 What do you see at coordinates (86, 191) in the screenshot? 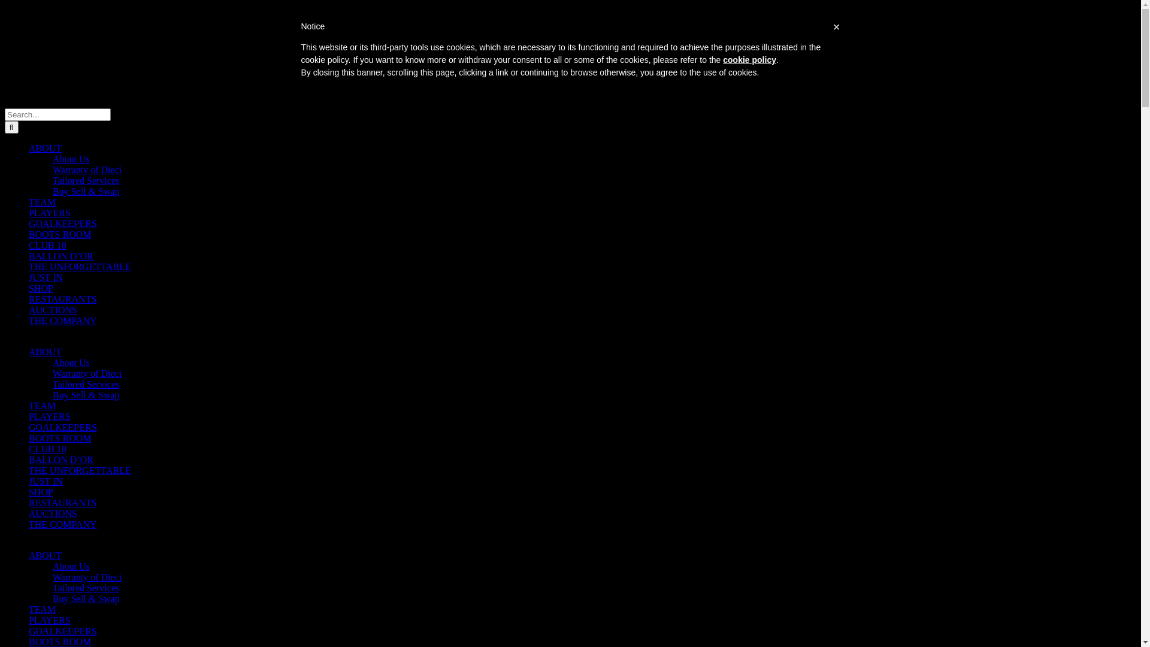
I see `'Buy Sell & Swap'` at bounding box center [86, 191].